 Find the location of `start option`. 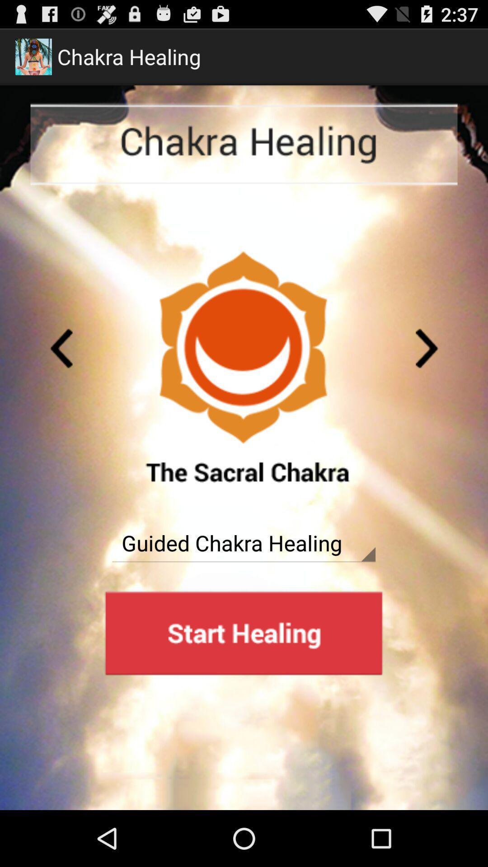

start option is located at coordinates (243, 633).